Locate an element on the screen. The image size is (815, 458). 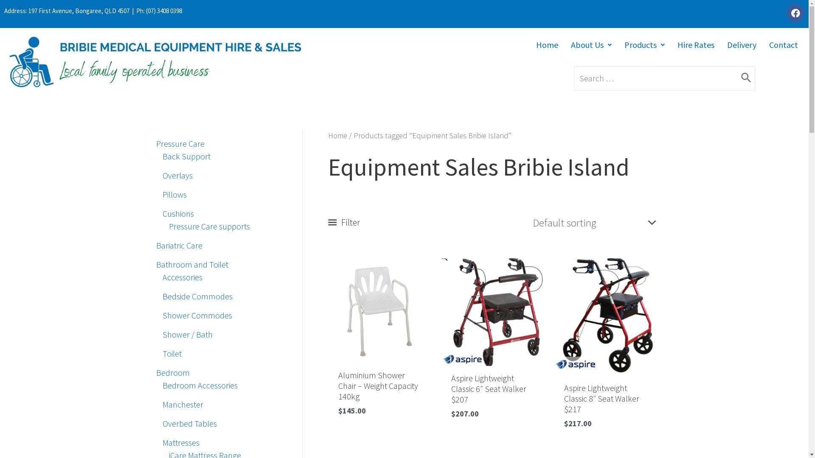
'Shower / Bath' is located at coordinates (162, 334).